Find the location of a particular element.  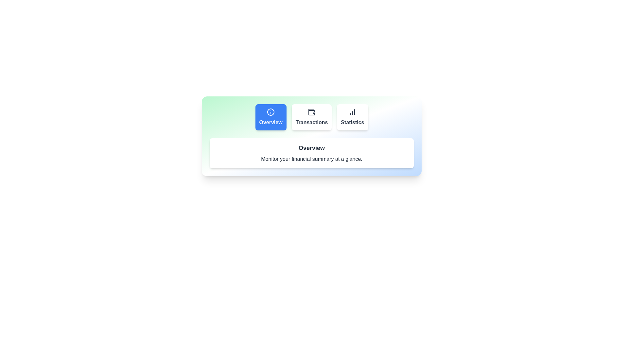

the Statistics tab to explore its content is located at coordinates (352, 117).